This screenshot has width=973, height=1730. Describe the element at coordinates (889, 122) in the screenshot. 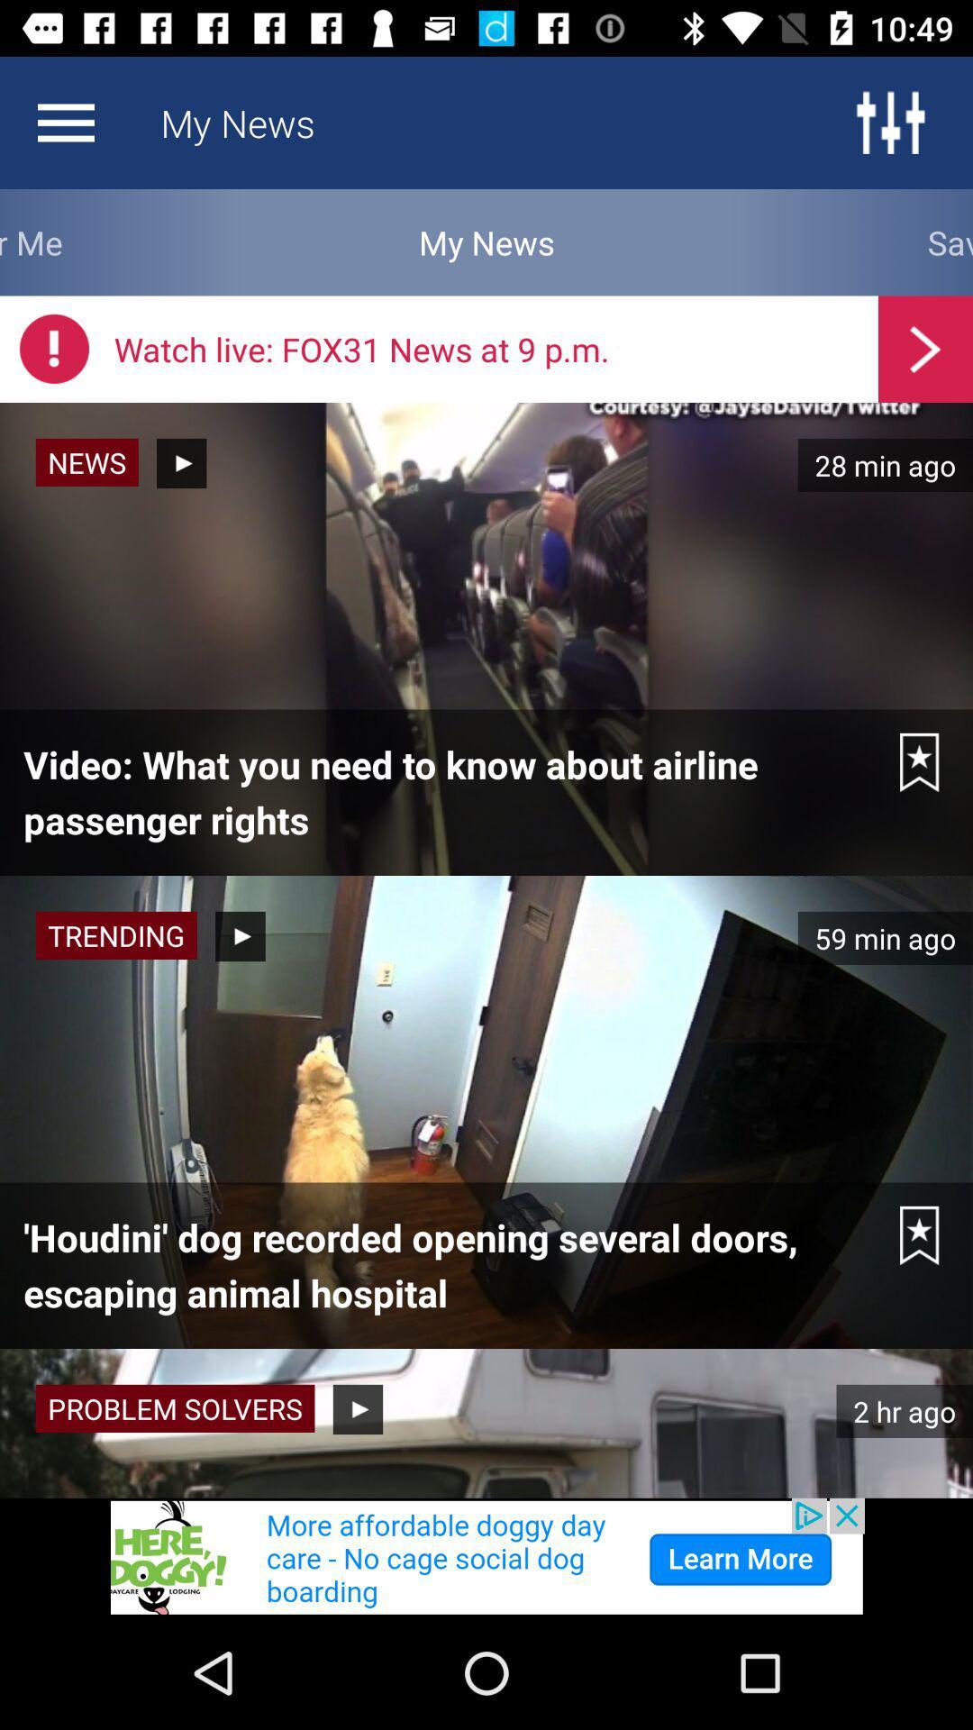

I see `the sliders icon` at that location.